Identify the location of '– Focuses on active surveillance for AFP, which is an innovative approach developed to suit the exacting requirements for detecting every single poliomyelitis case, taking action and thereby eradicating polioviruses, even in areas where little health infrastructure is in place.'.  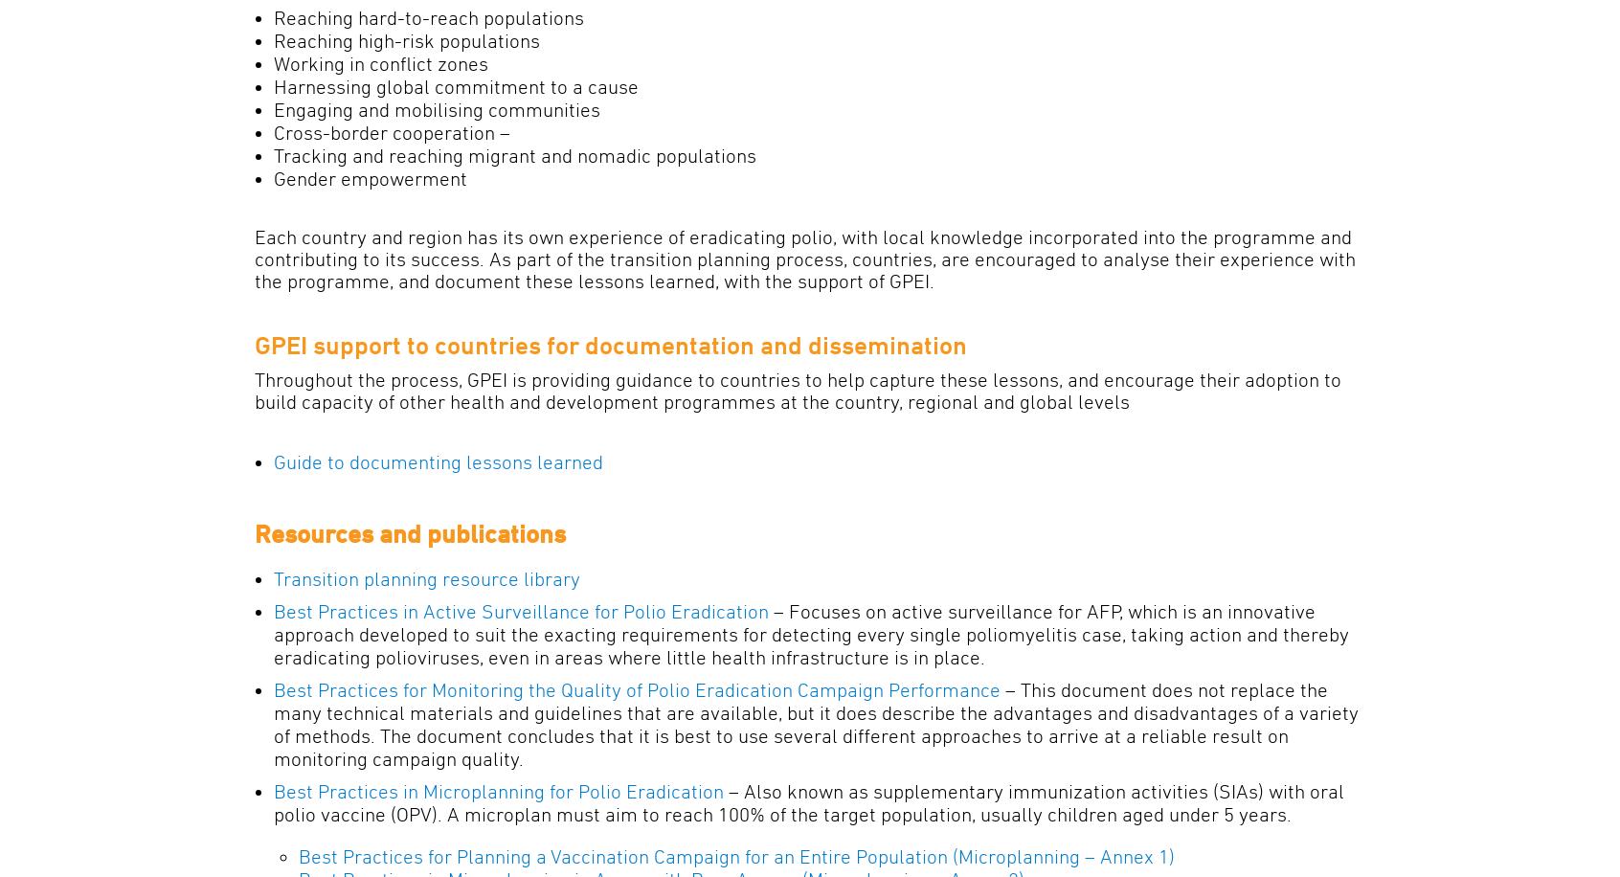
(810, 633).